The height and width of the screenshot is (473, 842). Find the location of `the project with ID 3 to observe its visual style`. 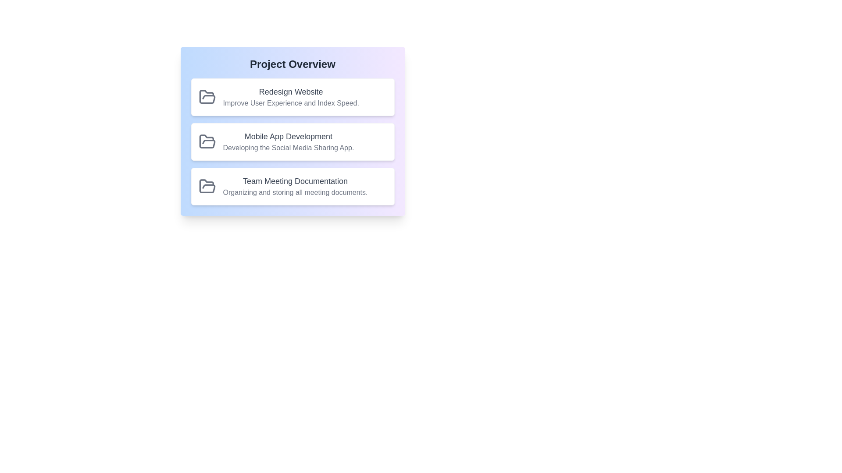

the project with ID 3 to observe its visual style is located at coordinates (293, 186).